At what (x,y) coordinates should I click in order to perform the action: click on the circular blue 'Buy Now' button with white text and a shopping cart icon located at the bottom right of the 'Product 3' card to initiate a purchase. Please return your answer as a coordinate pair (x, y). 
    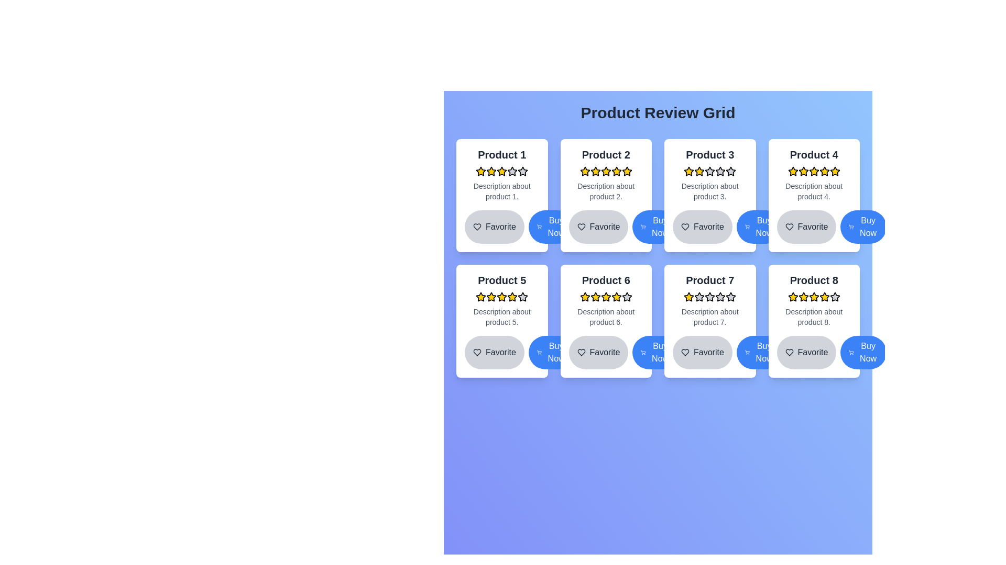
    Looking at the image, I should click on (759, 227).